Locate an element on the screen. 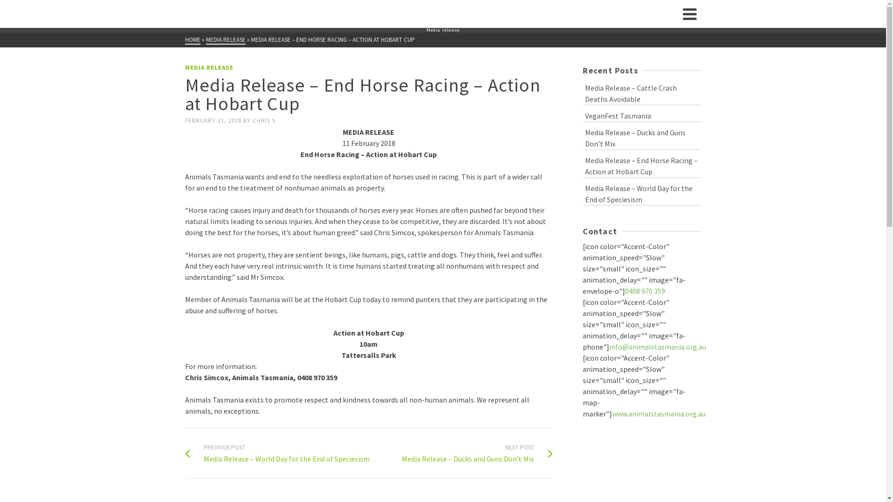 The width and height of the screenshot is (893, 502). 'MEDIA RELEASE' is located at coordinates (205, 40).